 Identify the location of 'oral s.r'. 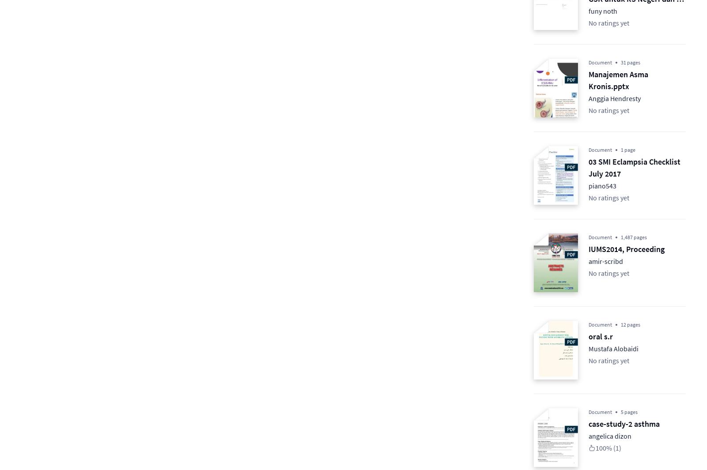
(588, 336).